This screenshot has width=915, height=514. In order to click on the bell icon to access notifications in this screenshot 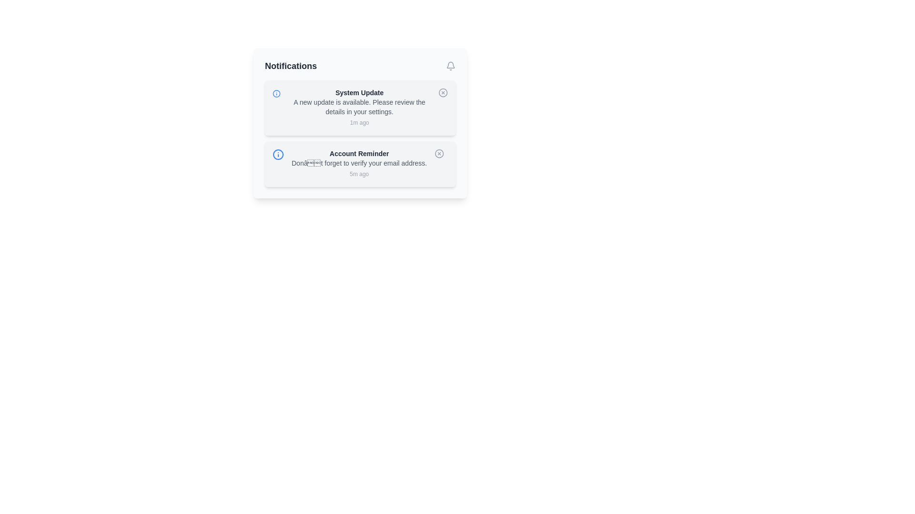, I will do `click(450, 65)`.